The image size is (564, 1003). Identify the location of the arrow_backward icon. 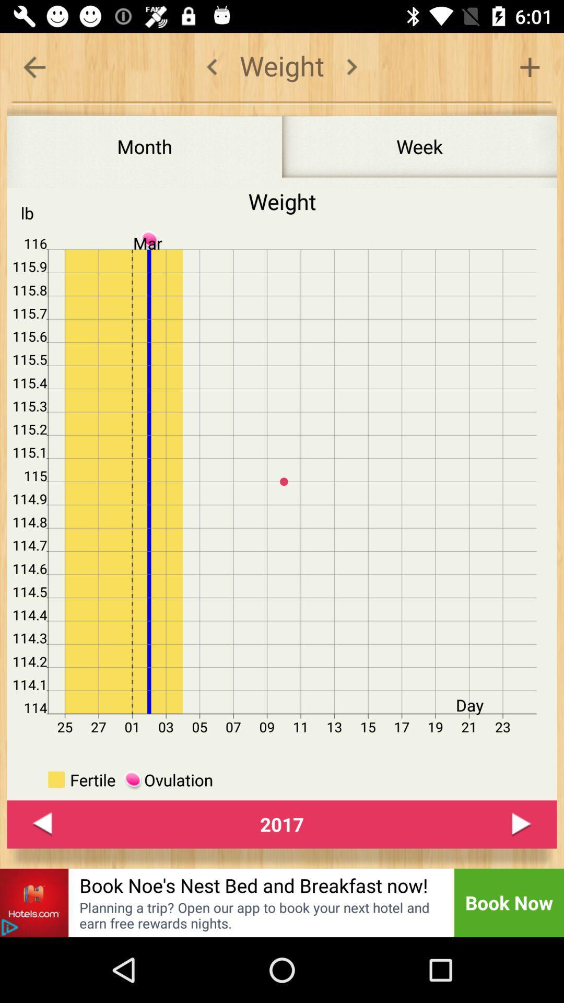
(42, 824).